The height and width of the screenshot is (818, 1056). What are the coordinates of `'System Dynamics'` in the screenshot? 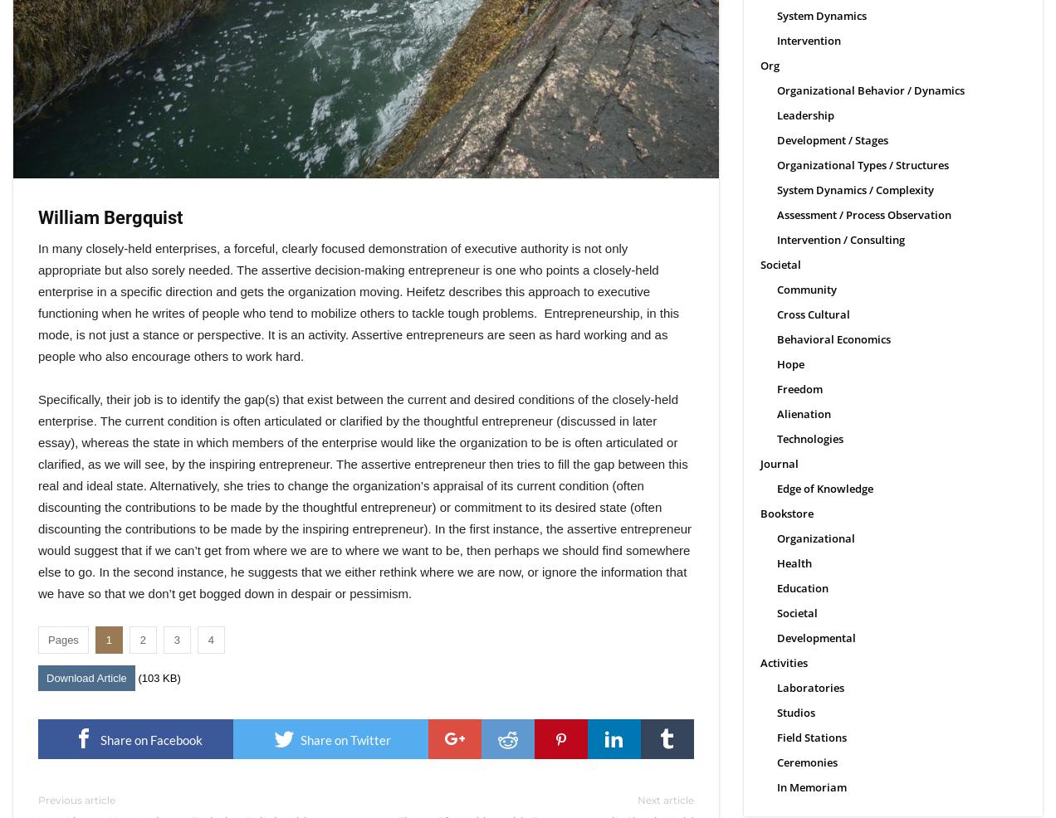 It's located at (820, 15).